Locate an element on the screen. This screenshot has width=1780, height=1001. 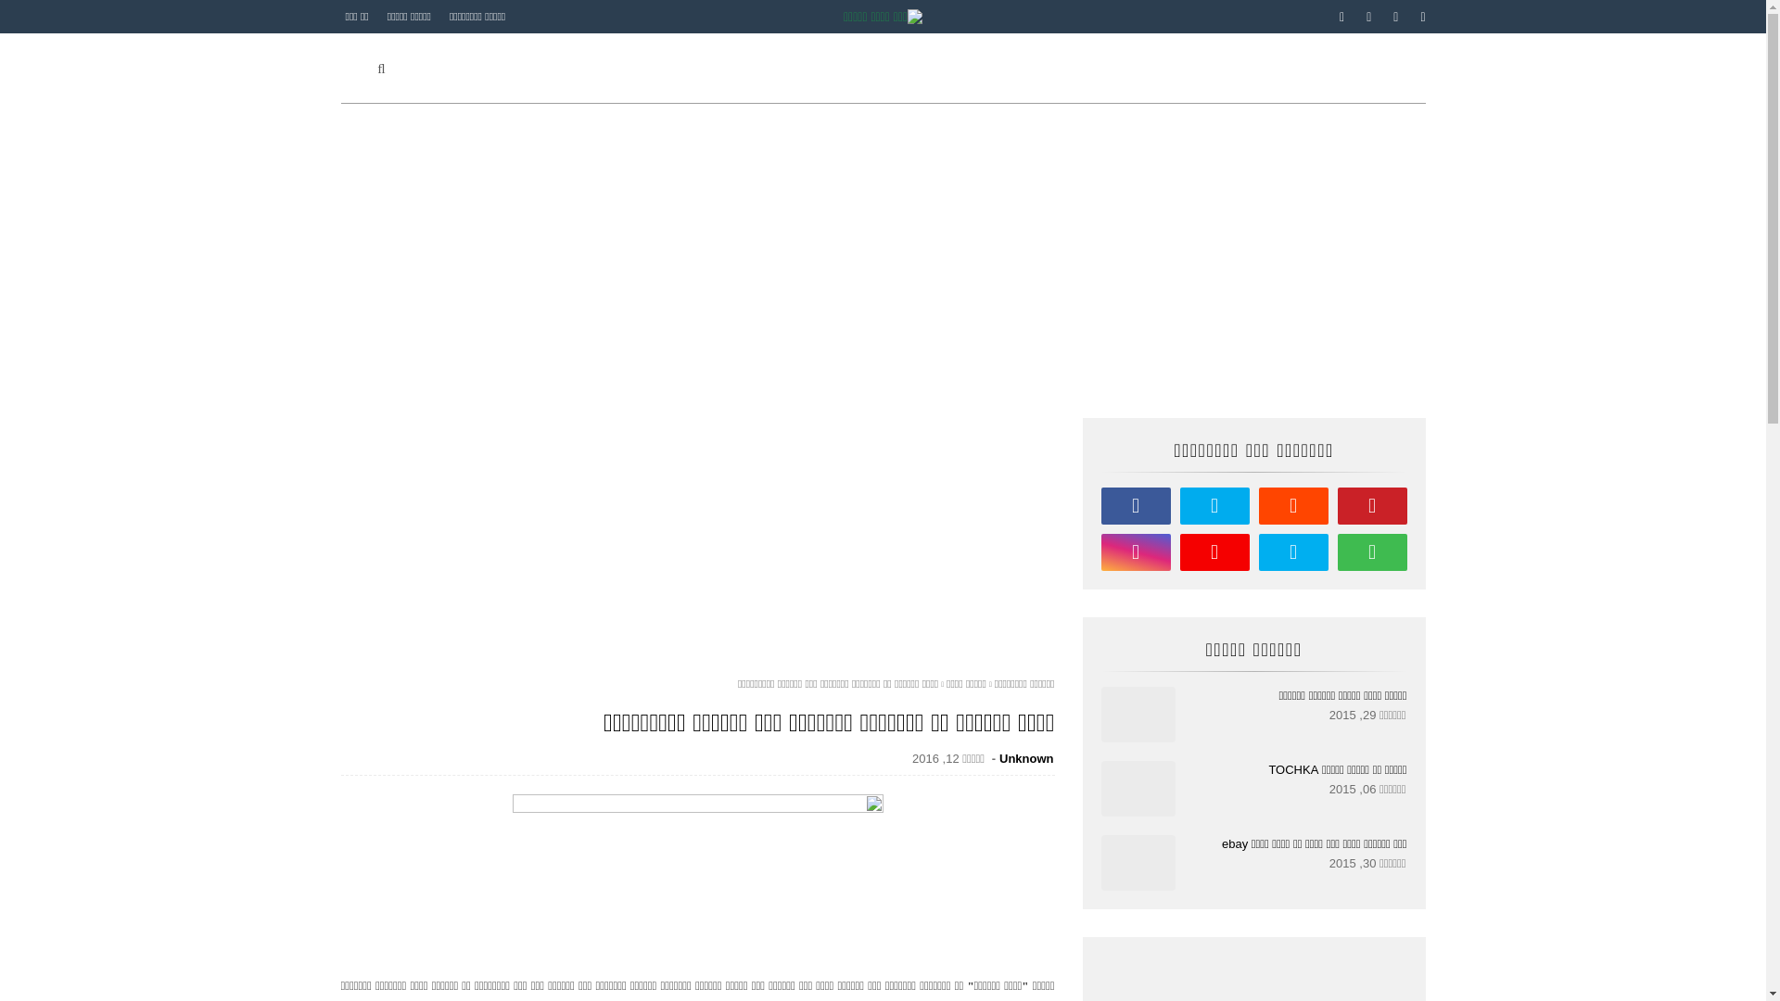
'Advertisement' is located at coordinates (883, 260).